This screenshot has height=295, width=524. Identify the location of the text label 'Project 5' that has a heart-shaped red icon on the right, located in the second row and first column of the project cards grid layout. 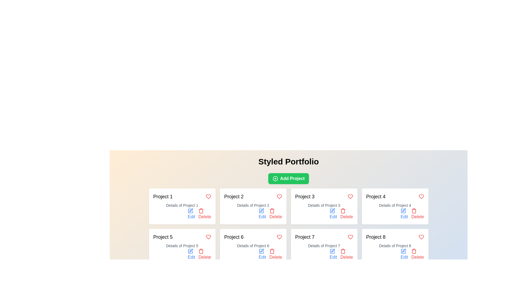
(182, 237).